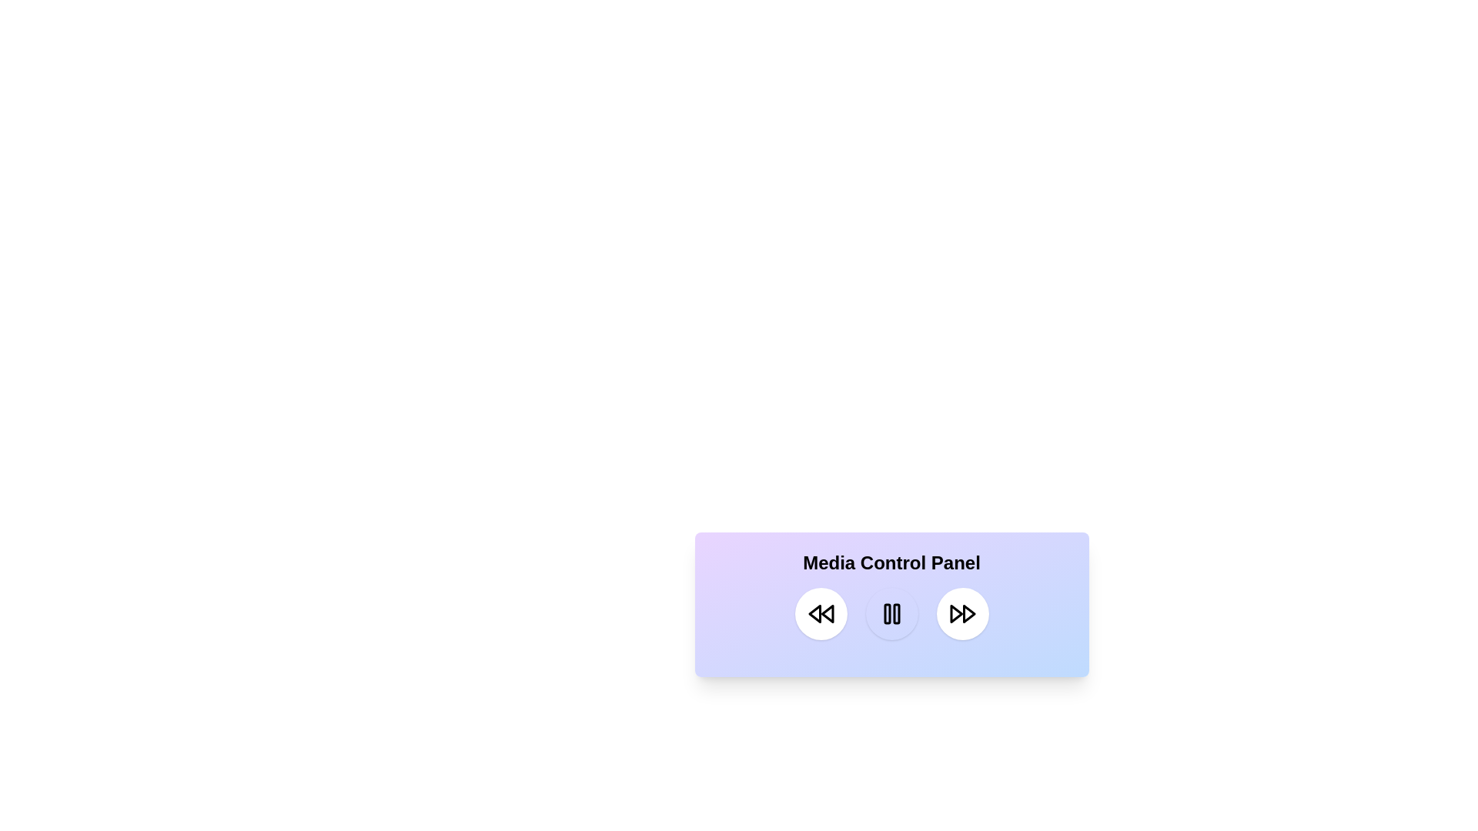 The height and width of the screenshot is (831, 1478). Describe the element at coordinates (820, 613) in the screenshot. I see `the leftmost double-chevron icon pointing left, which is styled with a bold black outline and resides within a circular white button on a gradient blue background` at that location.